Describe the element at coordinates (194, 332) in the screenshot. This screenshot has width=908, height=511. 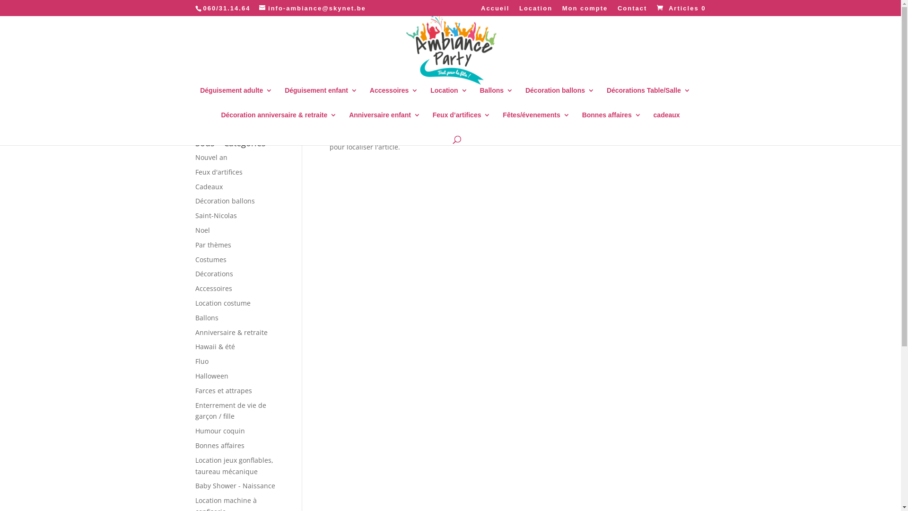
I see `'Anniversaire & retraite'` at that location.